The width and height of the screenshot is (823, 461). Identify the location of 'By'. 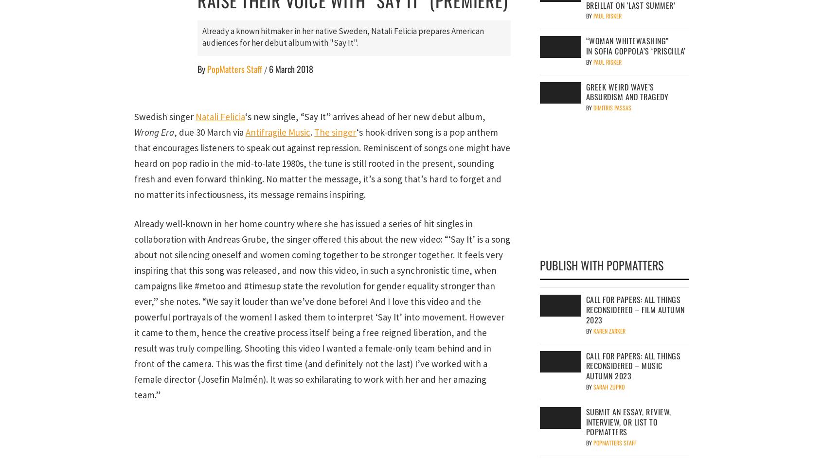
(201, 69).